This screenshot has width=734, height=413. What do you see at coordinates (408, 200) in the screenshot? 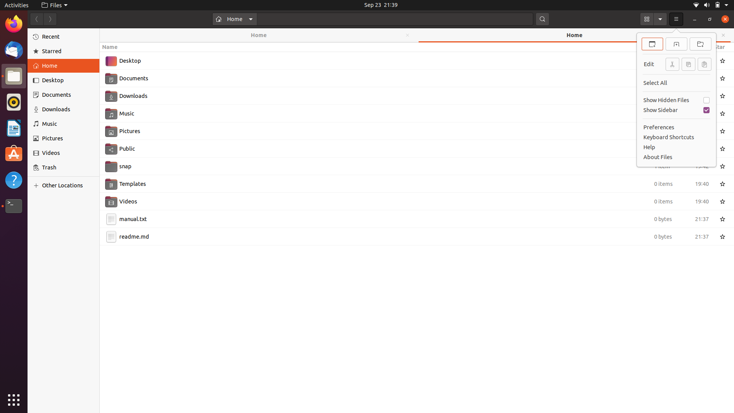
I see `Using the mouse pointer, select "Videos" folder and then use keyboard to open it` at bounding box center [408, 200].